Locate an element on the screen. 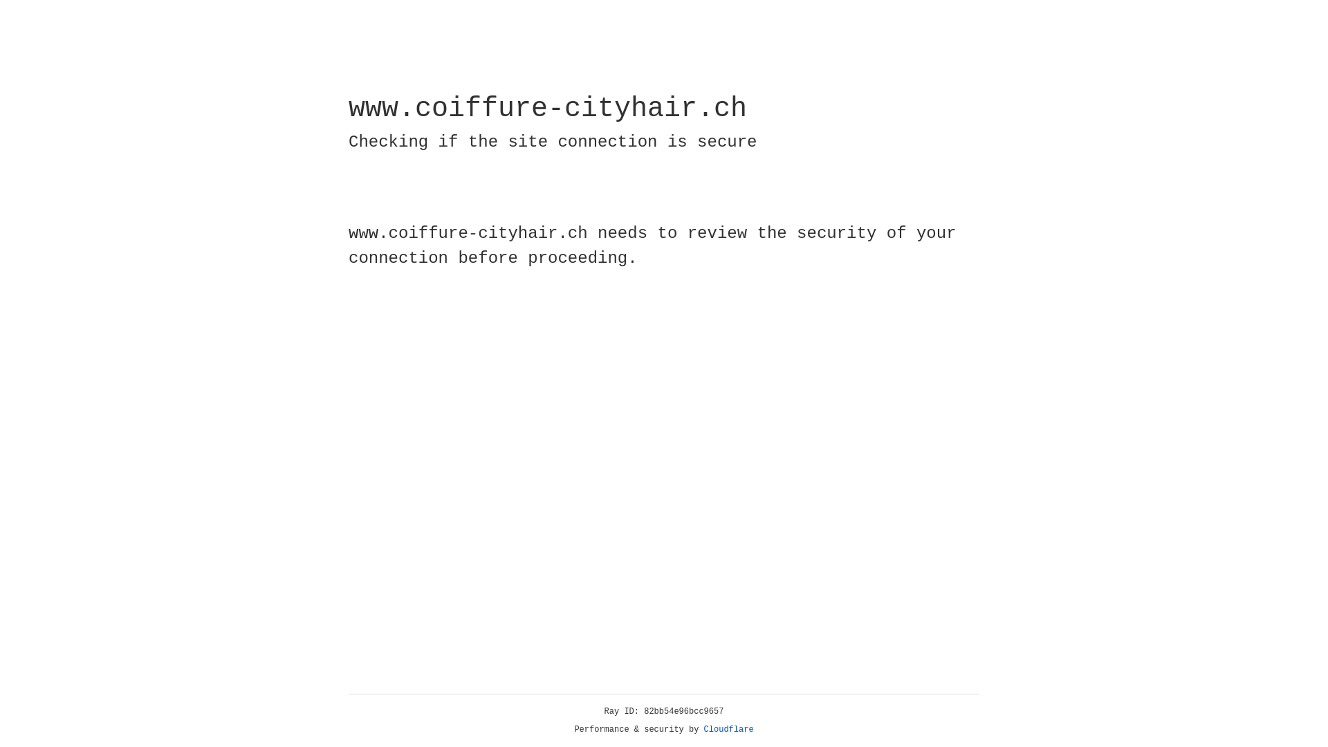  'Cloudflare' is located at coordinates (728, 729).